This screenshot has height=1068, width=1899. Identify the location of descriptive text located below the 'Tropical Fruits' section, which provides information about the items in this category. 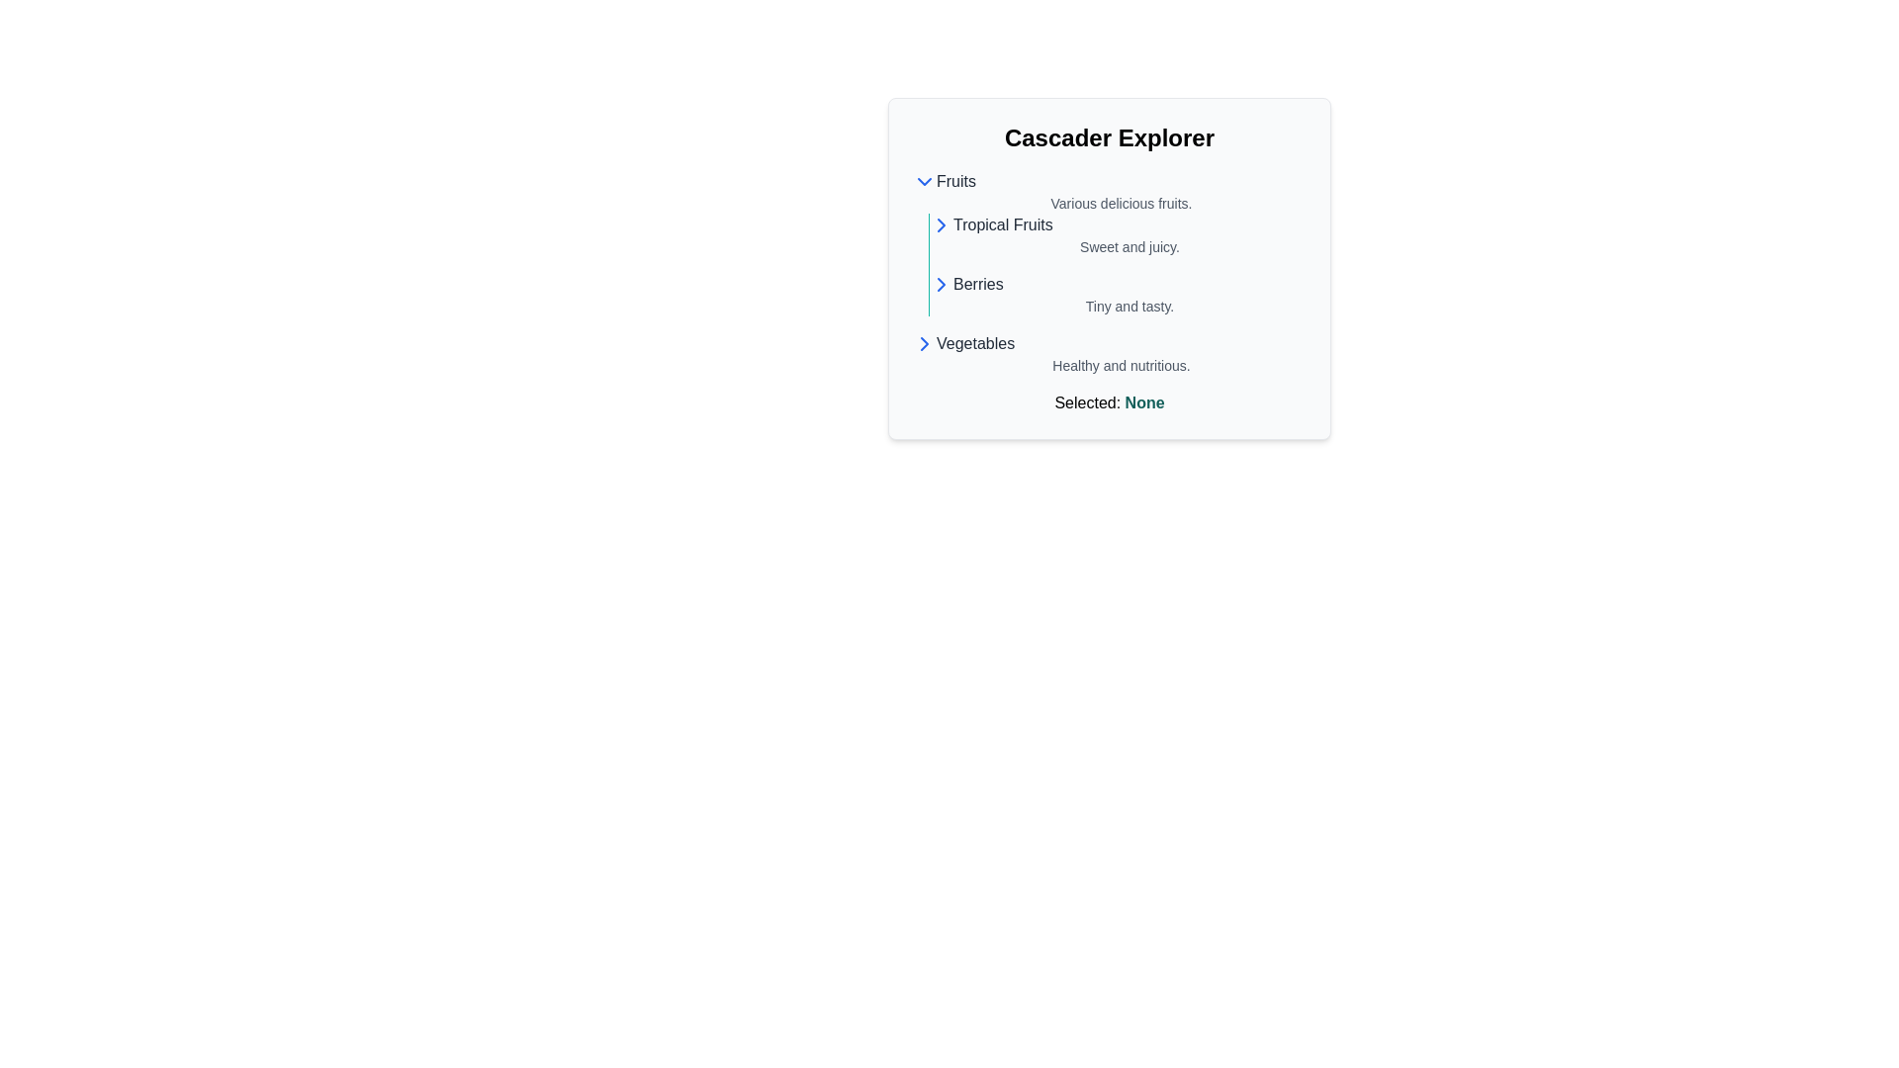
(1130, 246).